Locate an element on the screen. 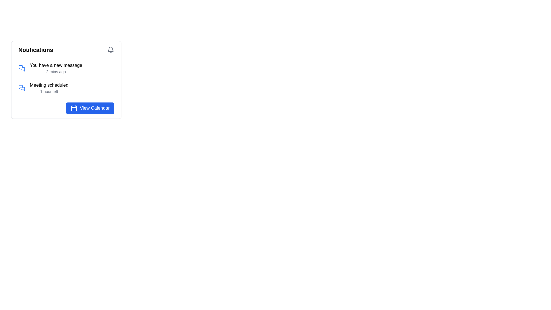  the text label that serves as a title for the notification, positioned above the '1 hour left' text within the notifications list is located at coordinates (49, 85).